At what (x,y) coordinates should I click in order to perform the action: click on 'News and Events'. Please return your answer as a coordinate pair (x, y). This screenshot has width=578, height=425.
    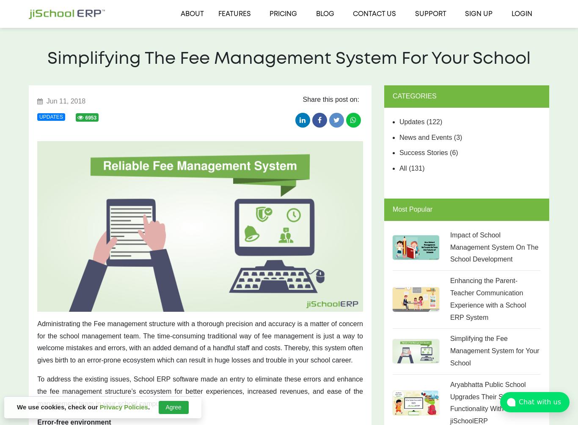
    Looking at the image, I should click on (399, 136).